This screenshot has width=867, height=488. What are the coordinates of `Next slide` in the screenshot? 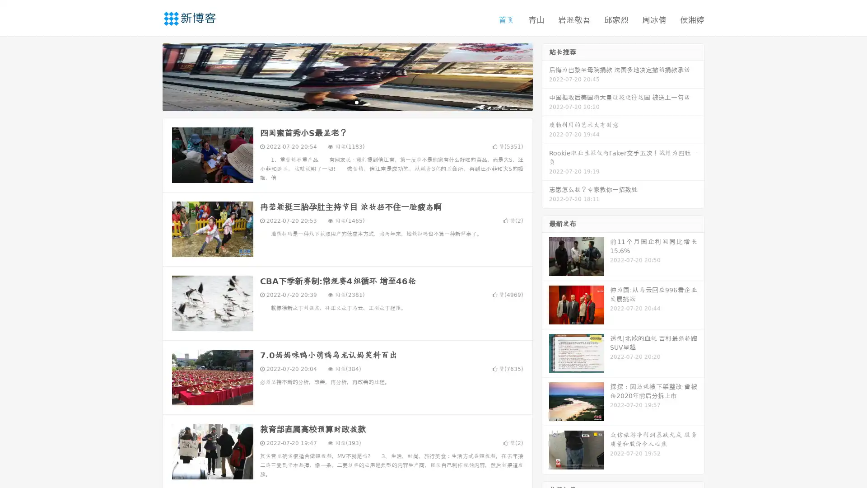 It's located at (545, 76).